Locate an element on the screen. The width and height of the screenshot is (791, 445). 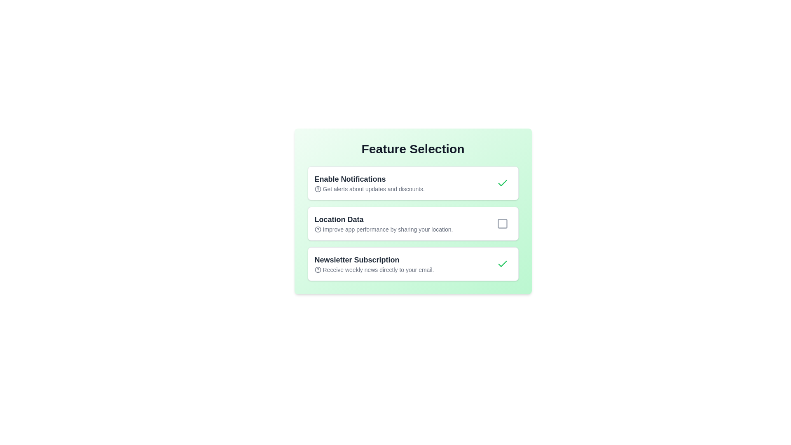
the toggle button for location sharing located in the second item of the vertically aligned list within the 'Location Data' card, positioned to the right of the text content is located at coordinates (502, 224).